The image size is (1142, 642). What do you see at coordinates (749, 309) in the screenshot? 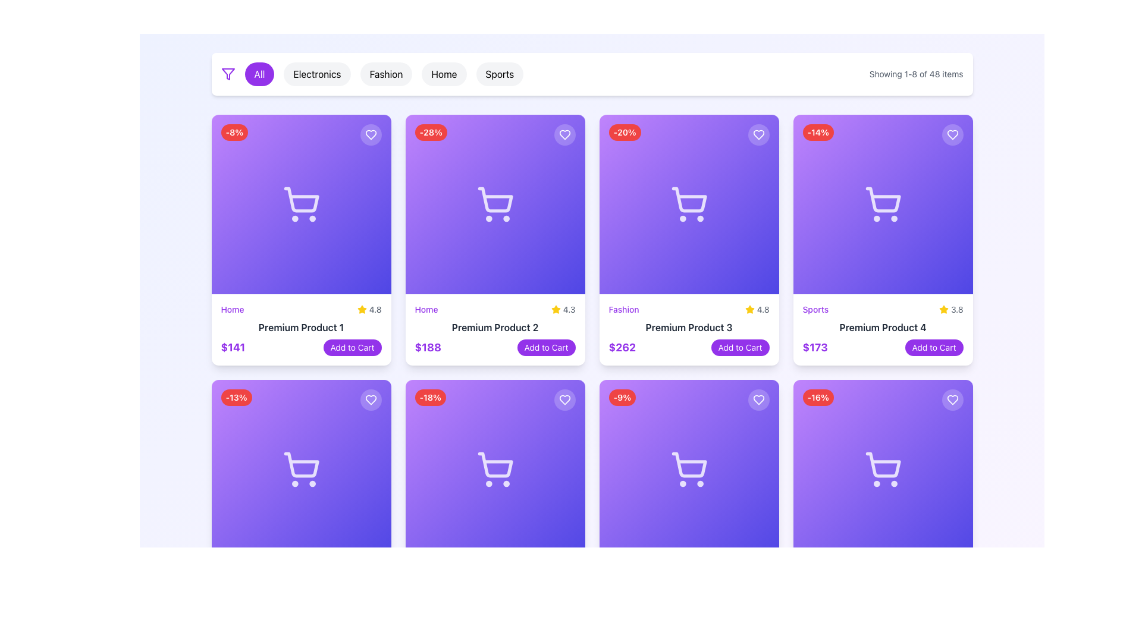
I see `the rating or favorite indicator icon located in the third card of the top row under the title 'Fashion'` at bounding box center [749, 309].